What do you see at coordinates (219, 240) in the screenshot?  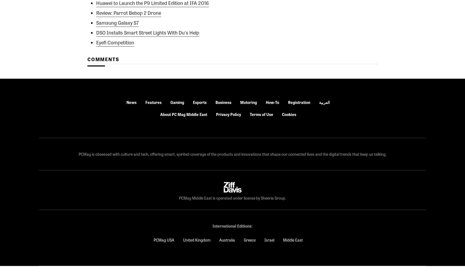 I see `'Australia'` at bounding box center [219, 240].